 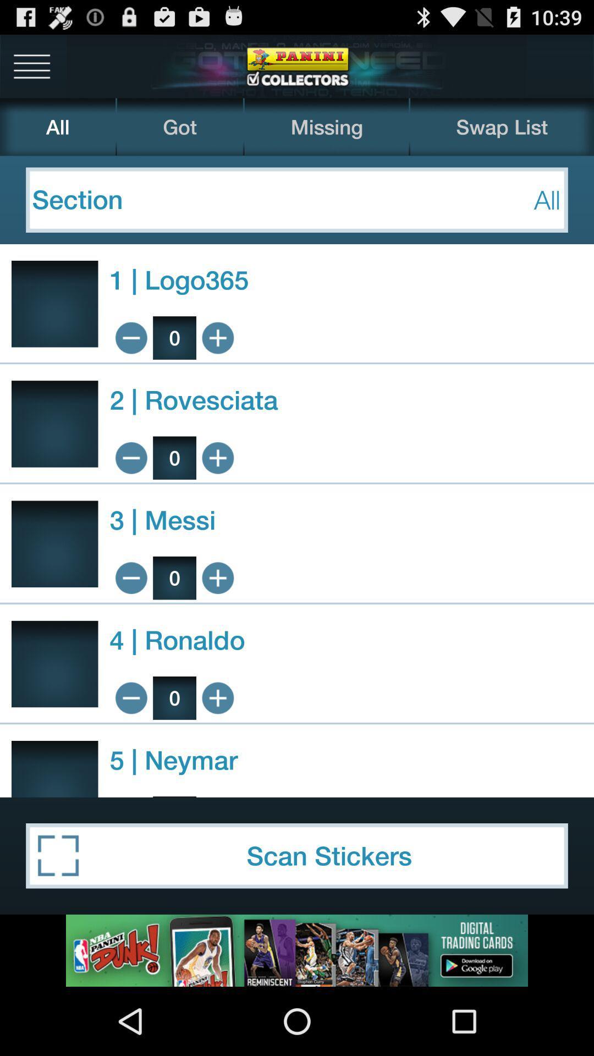 I want to click on minimize, so click(x=130, y=458).